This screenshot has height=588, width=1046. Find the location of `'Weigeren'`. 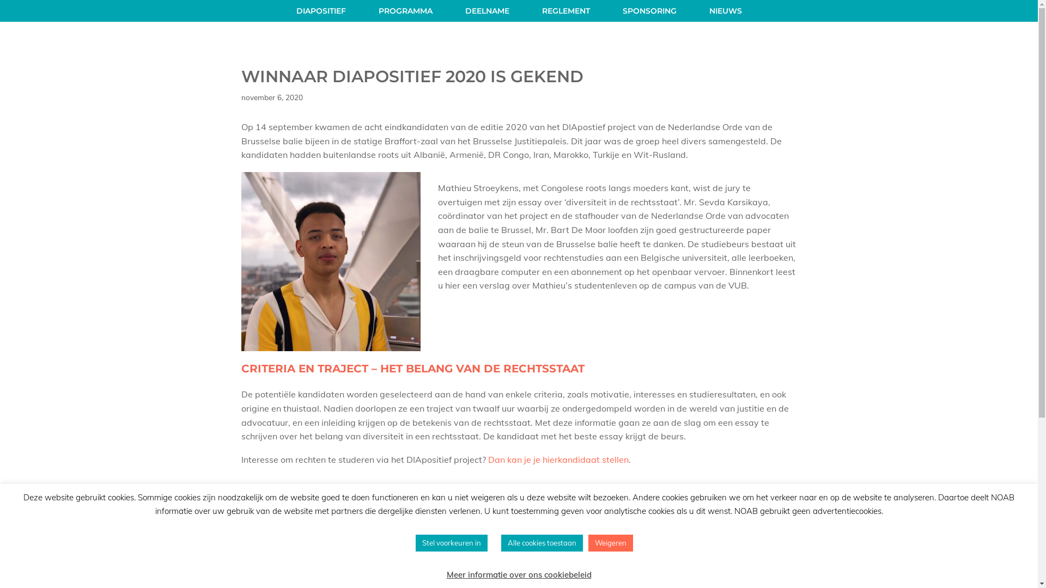

'Weigeren' is located at coordinates (611, 543).